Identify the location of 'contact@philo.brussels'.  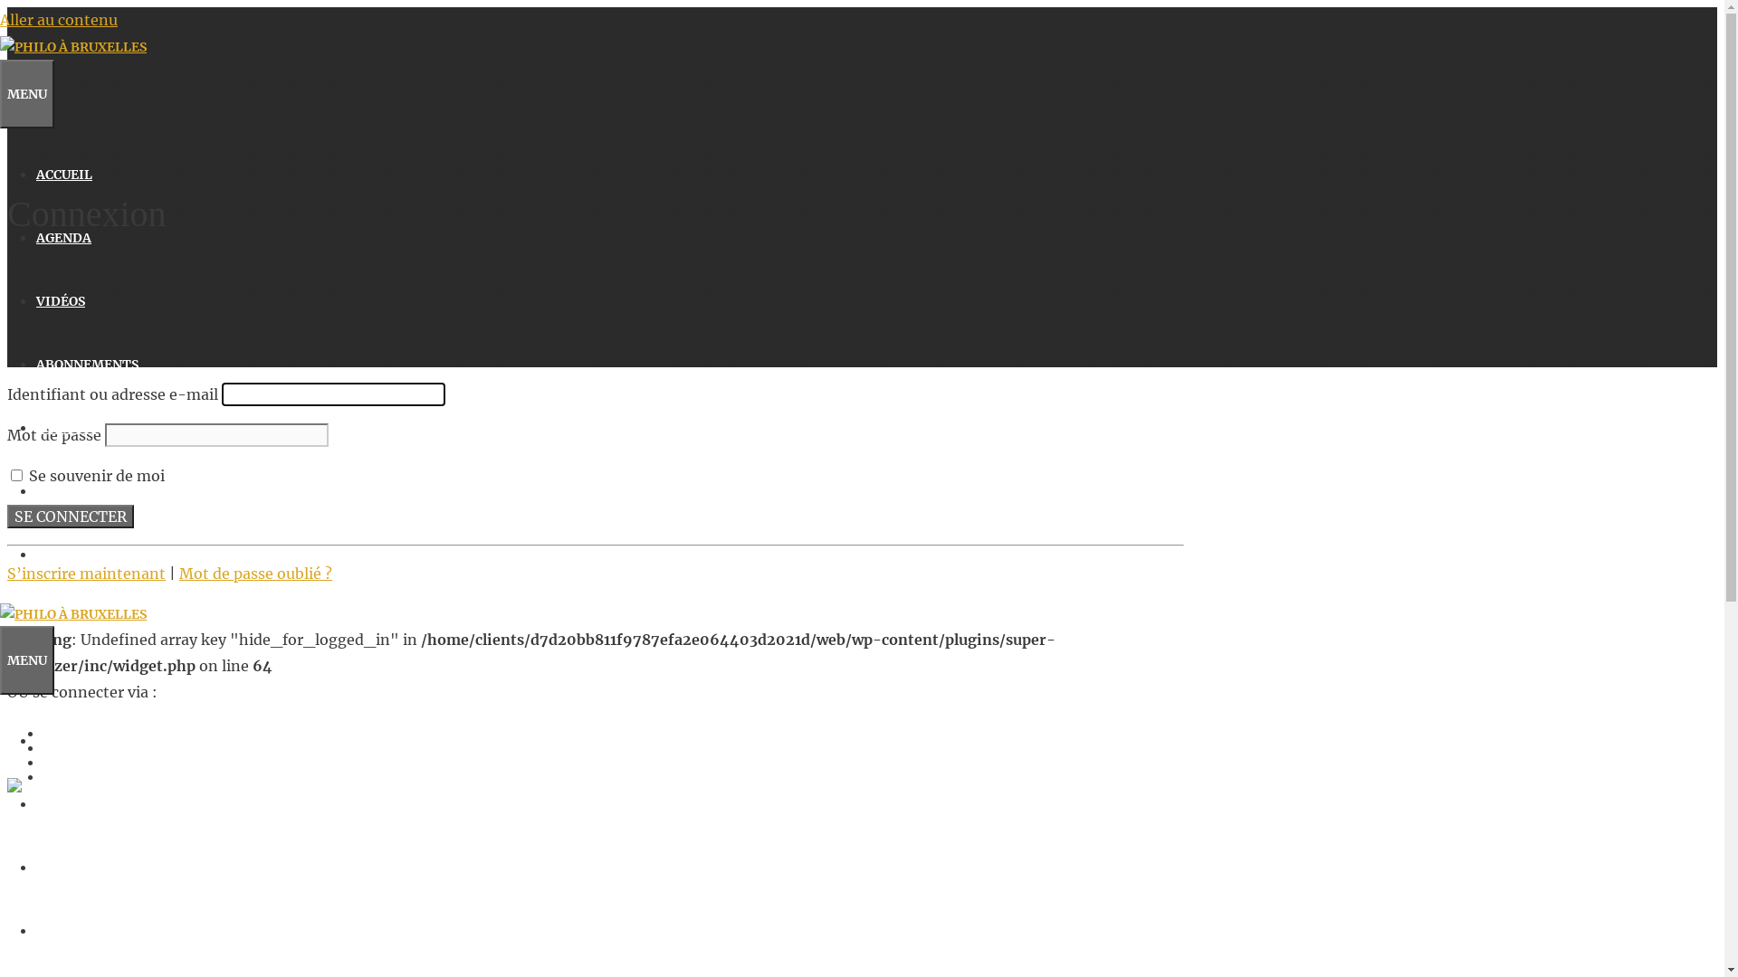
(81, 901).